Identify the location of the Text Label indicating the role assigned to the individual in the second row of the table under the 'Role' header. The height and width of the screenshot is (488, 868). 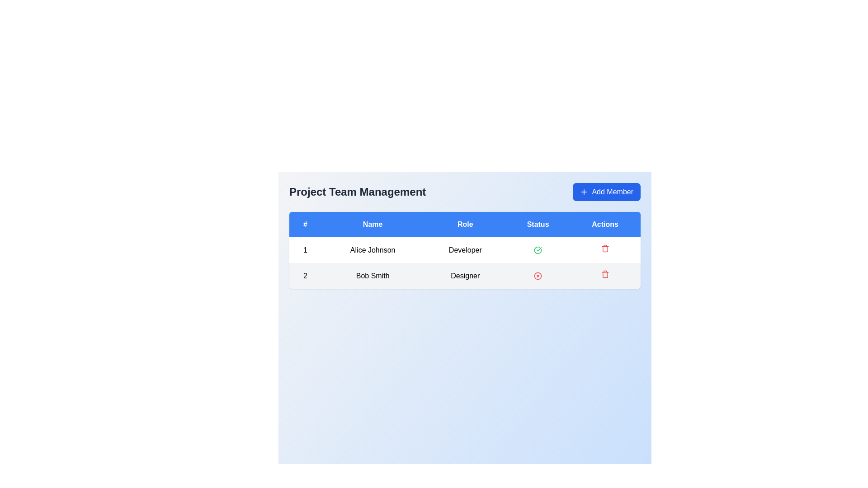
(465, 275).